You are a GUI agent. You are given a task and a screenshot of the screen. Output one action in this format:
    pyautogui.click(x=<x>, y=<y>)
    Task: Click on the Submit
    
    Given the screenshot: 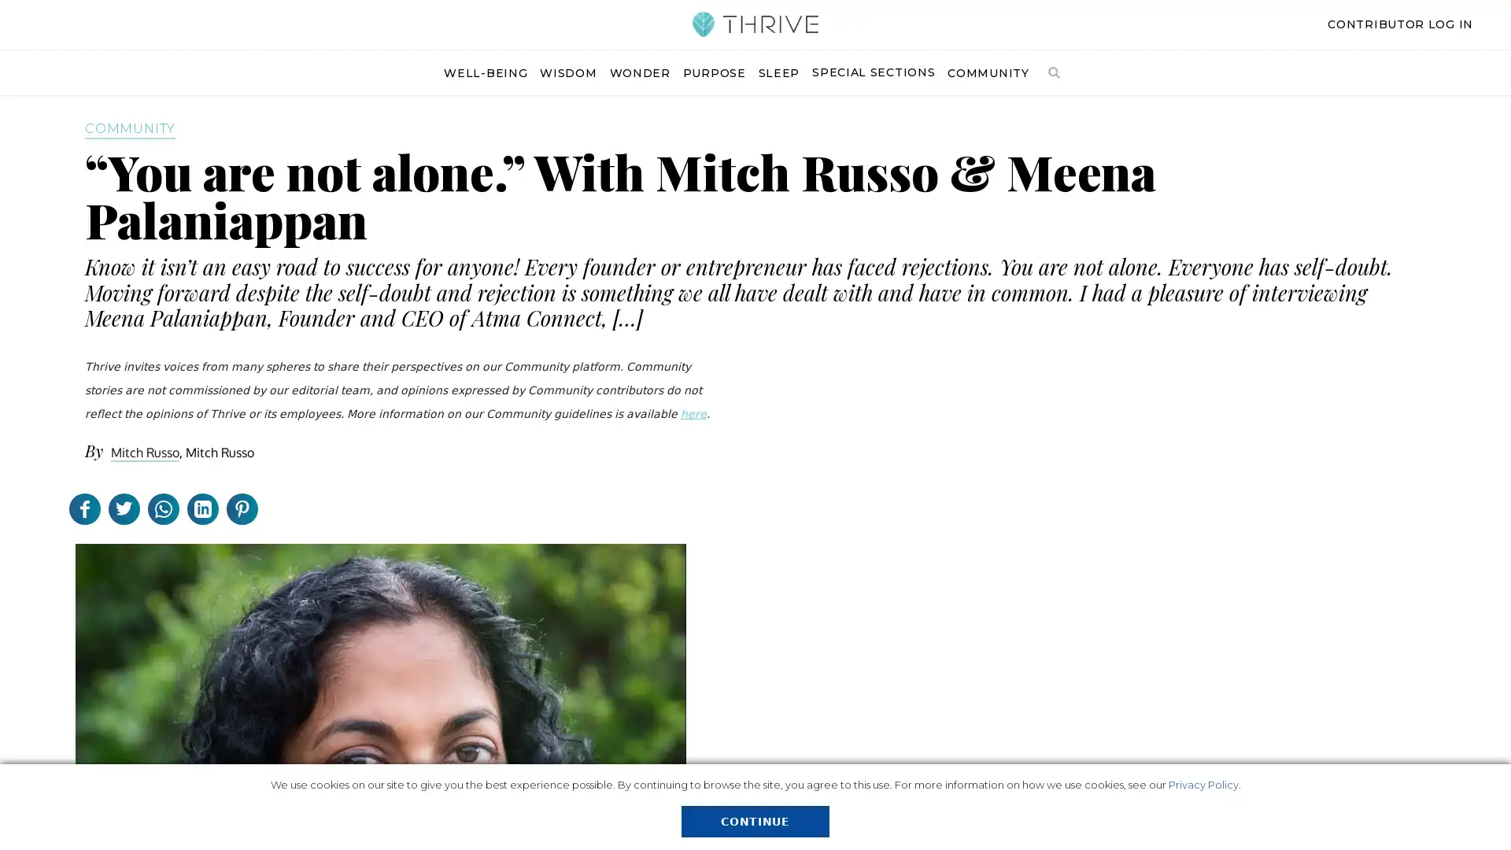 What is the action you would take?
    pyautogui.click(x=1173, y=139)
    